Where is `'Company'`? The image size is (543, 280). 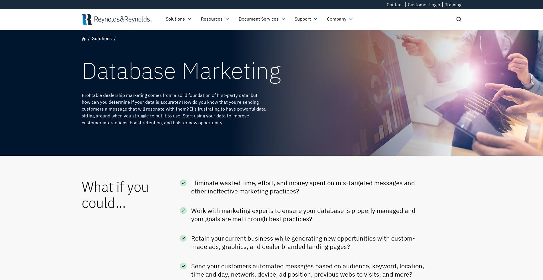
'Company' is located at coordinates (336, 19).